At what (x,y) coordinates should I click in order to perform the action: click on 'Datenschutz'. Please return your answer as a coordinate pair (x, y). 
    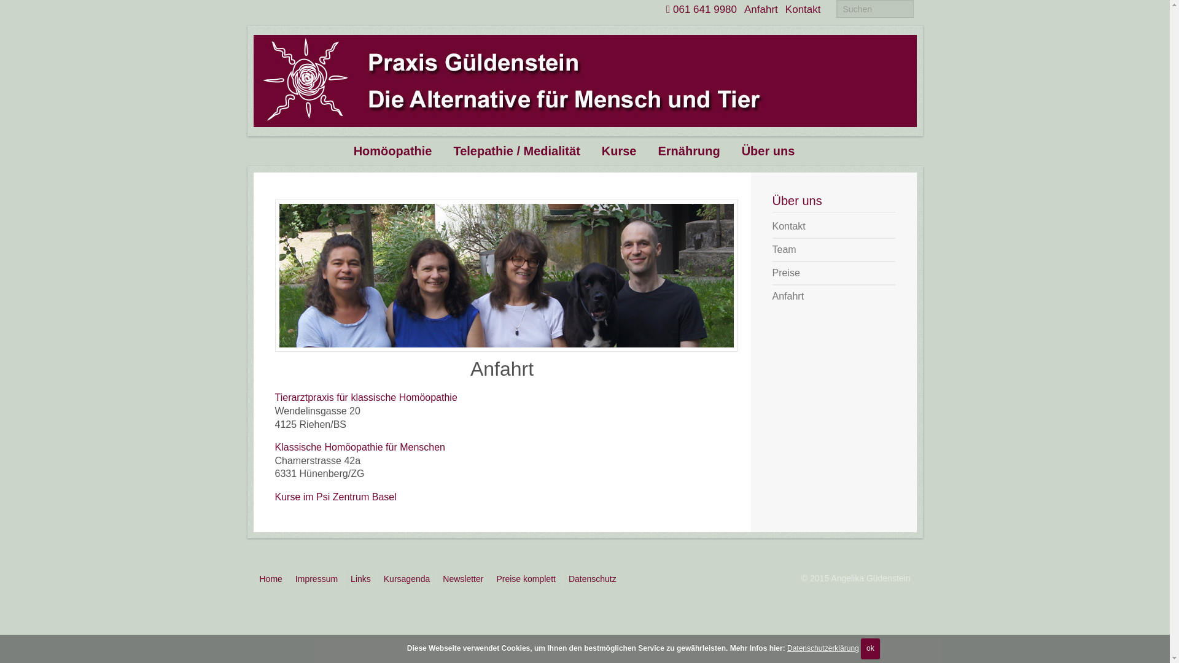
    Looking at the image, I should click on (592, 578).